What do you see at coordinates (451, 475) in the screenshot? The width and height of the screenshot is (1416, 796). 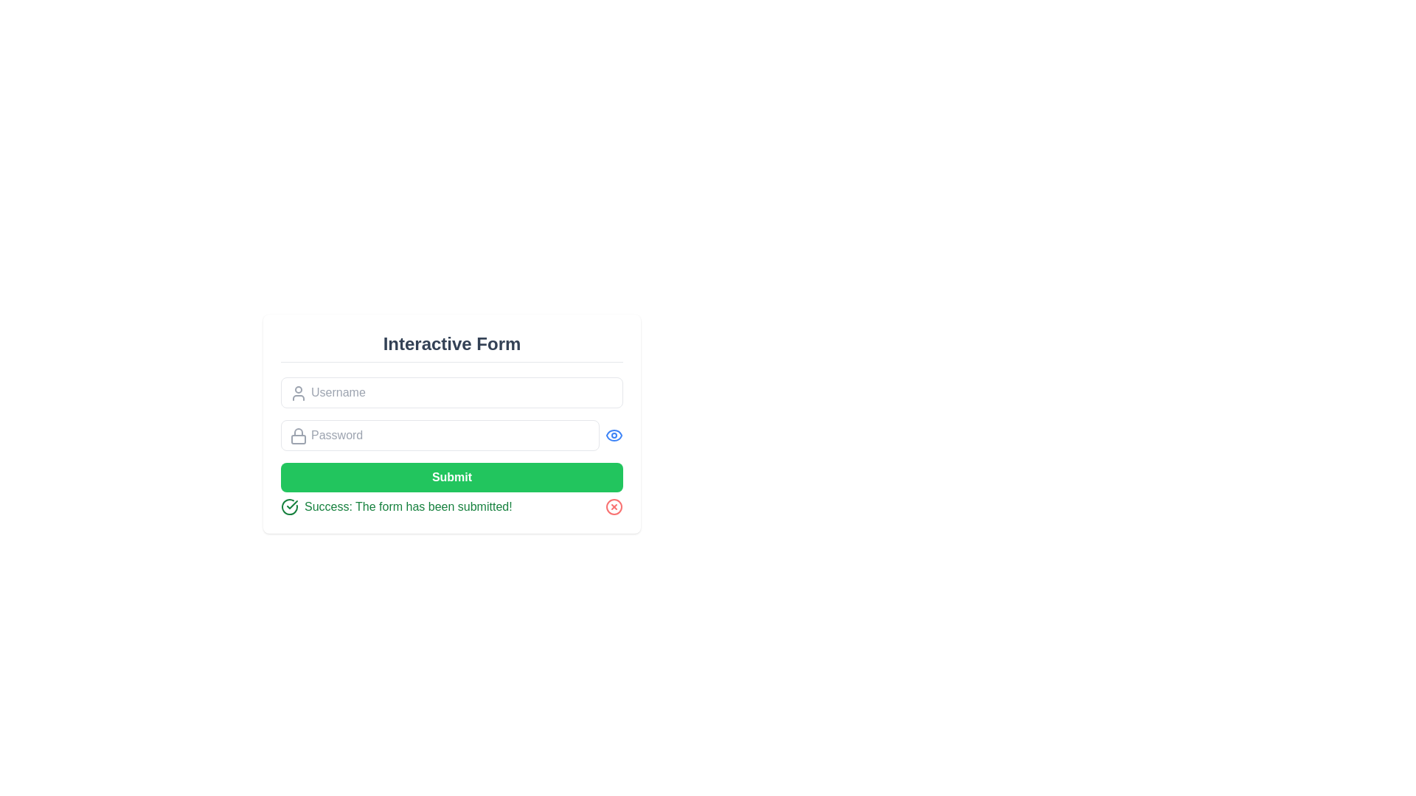 I see `the submit button located below the password input field` at bounding box center [451, 475].